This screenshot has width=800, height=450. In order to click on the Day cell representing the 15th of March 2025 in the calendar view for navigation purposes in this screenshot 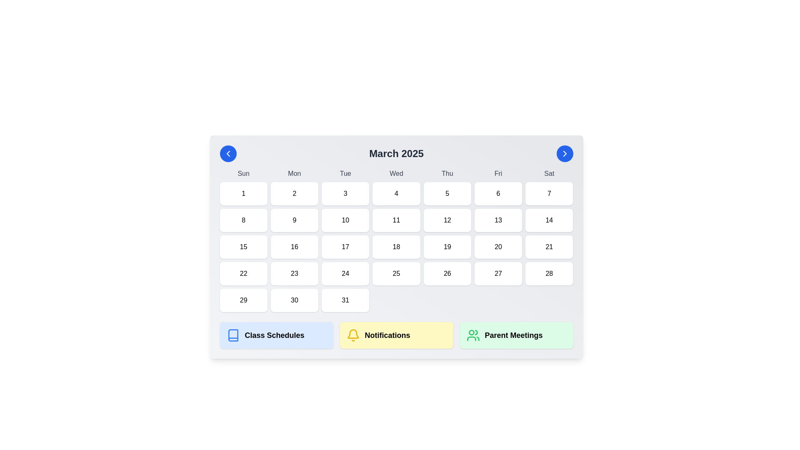, I will do `click(243, 247)`.